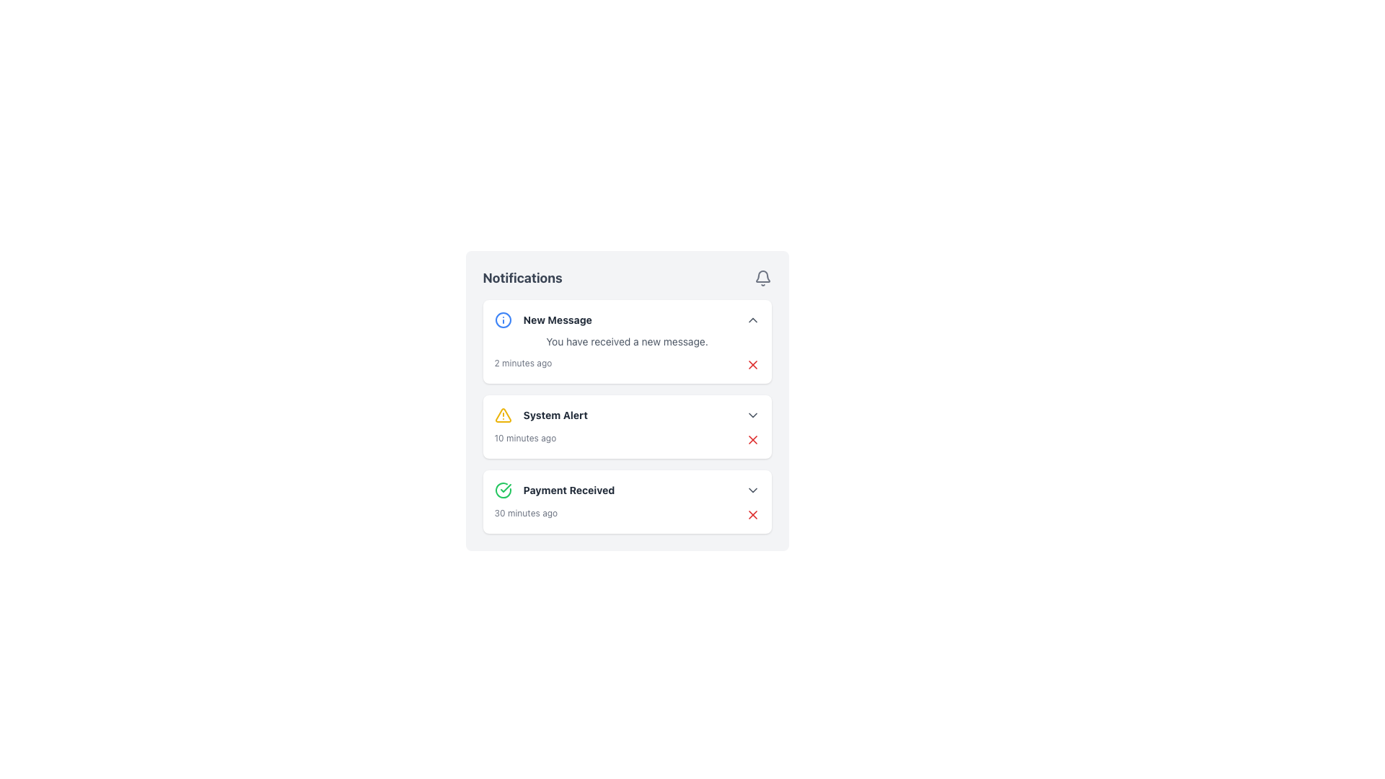 The image size is (1385, 779). What do you see at coordinates (503, 489) in the screenshot?
I see `the decorative icon indicating successful payment completion within the 'Payment Received' notification card, positioned at the top-left corner of the card` at bounding box center [503, 489].